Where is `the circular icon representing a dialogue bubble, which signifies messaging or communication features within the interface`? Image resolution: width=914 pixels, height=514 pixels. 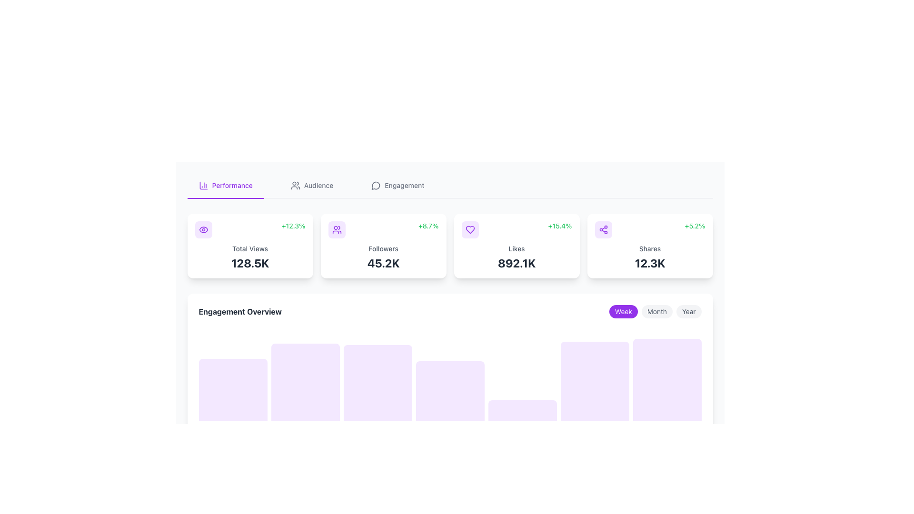
the circular icon representing a dialogue bubble, which signifies messaging or communication features within the interface is located at coordinates (375, 186).